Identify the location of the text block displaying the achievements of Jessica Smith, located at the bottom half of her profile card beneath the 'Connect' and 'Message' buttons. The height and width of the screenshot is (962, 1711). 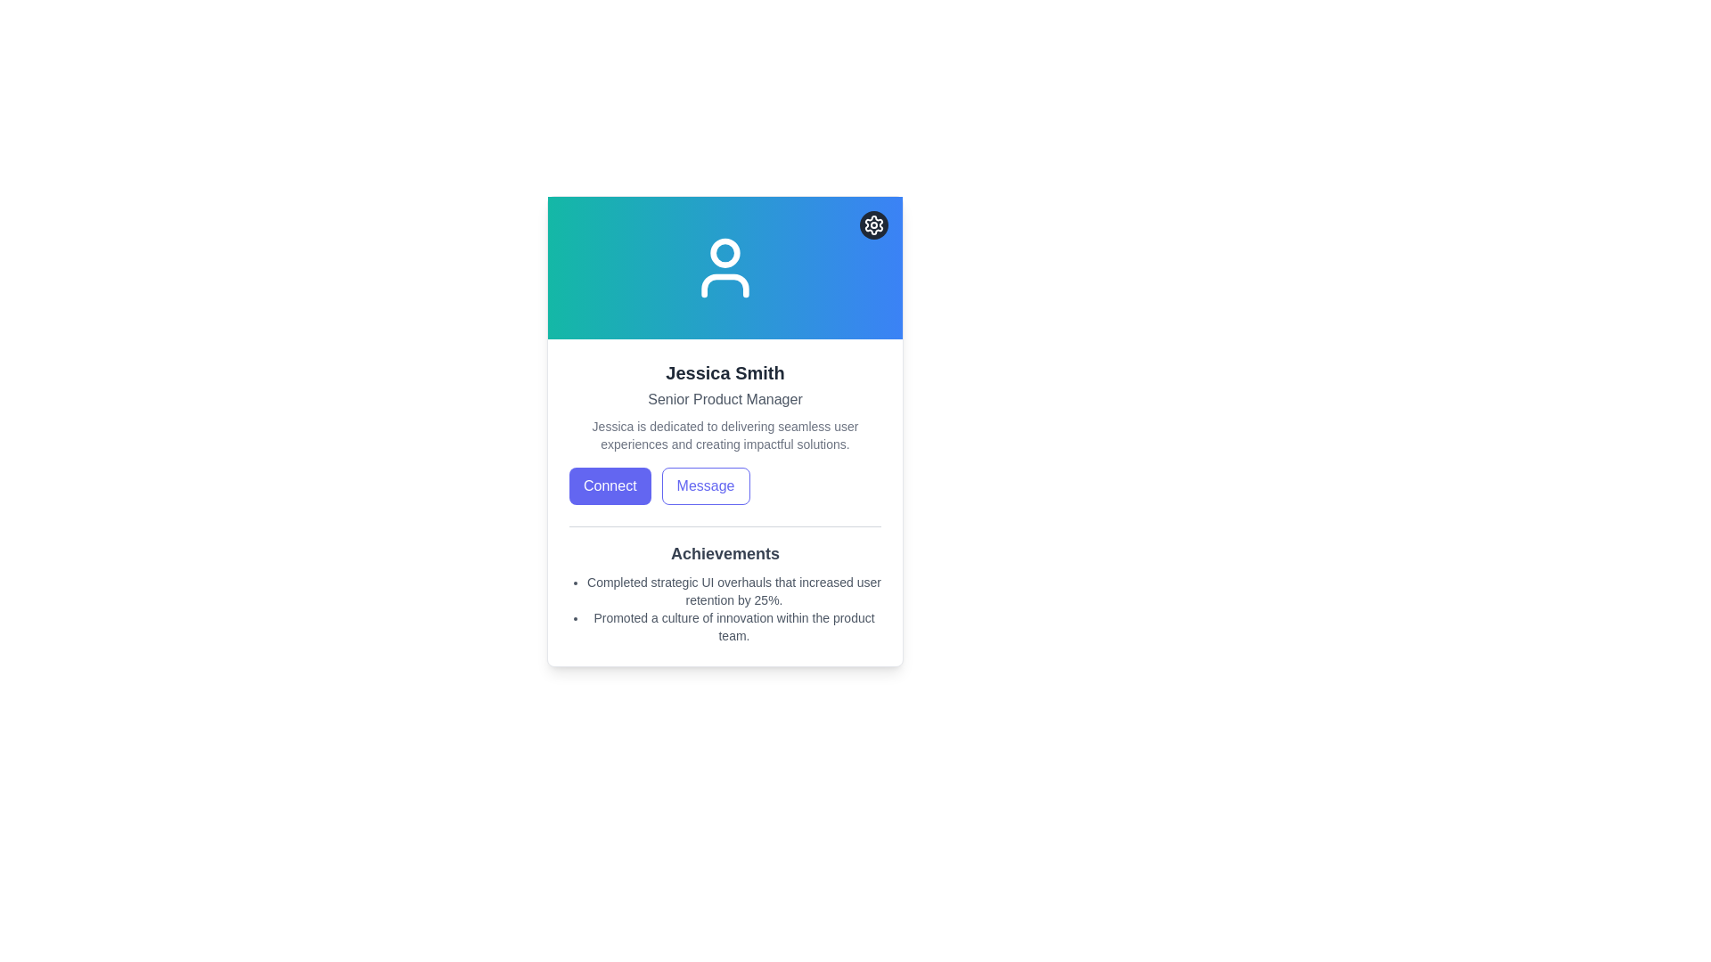
(725, 585).